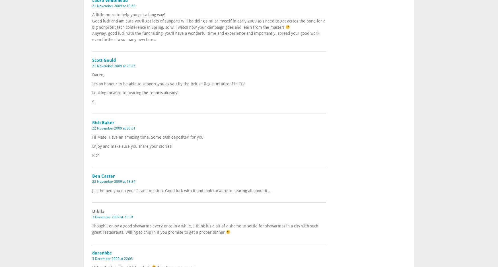 This screenshot has width=498, height=267. I want to click on 'Scott Gould', so click(104, 60).